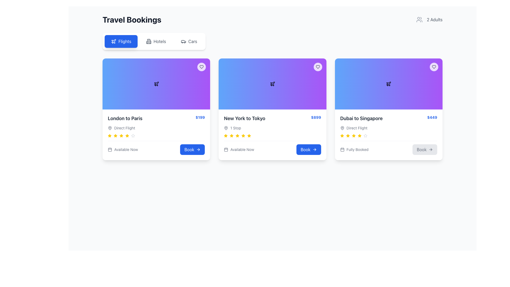  Describe the element at coordinates (127, 135) in the screenshot. I see `the fifth star icon representing the rating for the 'London to Paris' flight card, which is the first card in the row` at that location.